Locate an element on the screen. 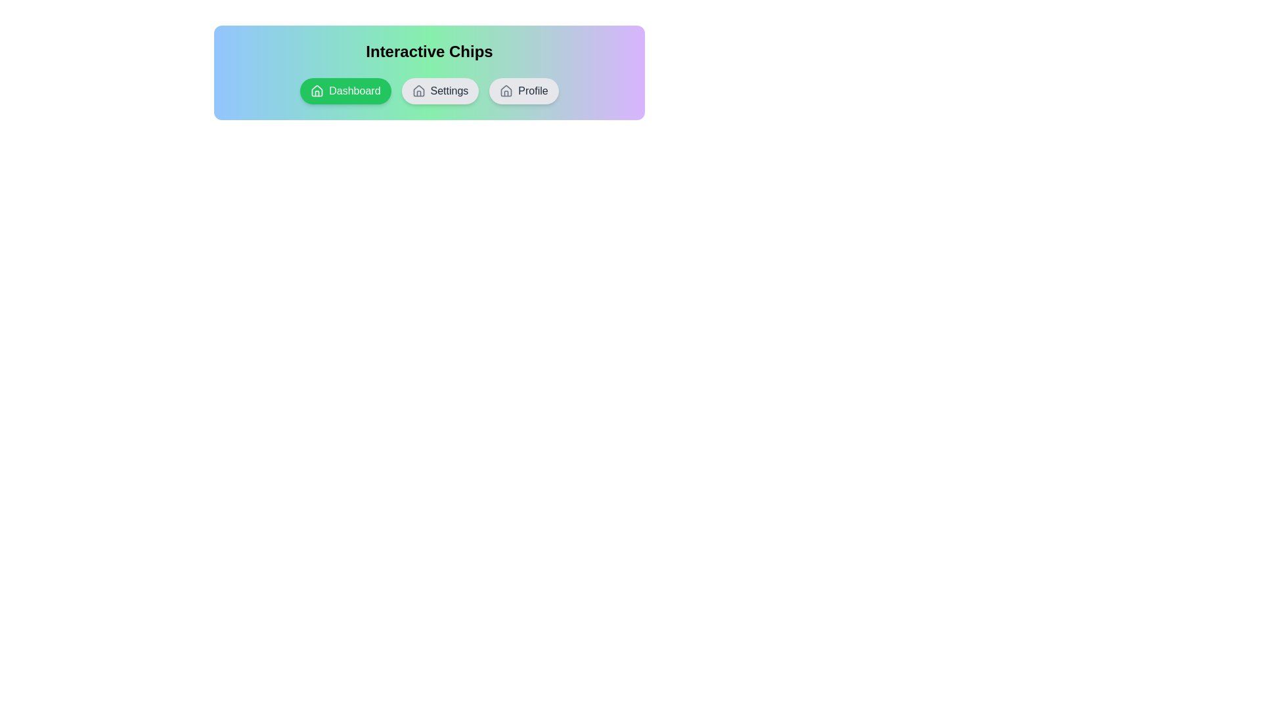 Image resolution: width=1261 pixels, height=709 pixels. the chip labeled Profile is located at coordinates (523, 90).